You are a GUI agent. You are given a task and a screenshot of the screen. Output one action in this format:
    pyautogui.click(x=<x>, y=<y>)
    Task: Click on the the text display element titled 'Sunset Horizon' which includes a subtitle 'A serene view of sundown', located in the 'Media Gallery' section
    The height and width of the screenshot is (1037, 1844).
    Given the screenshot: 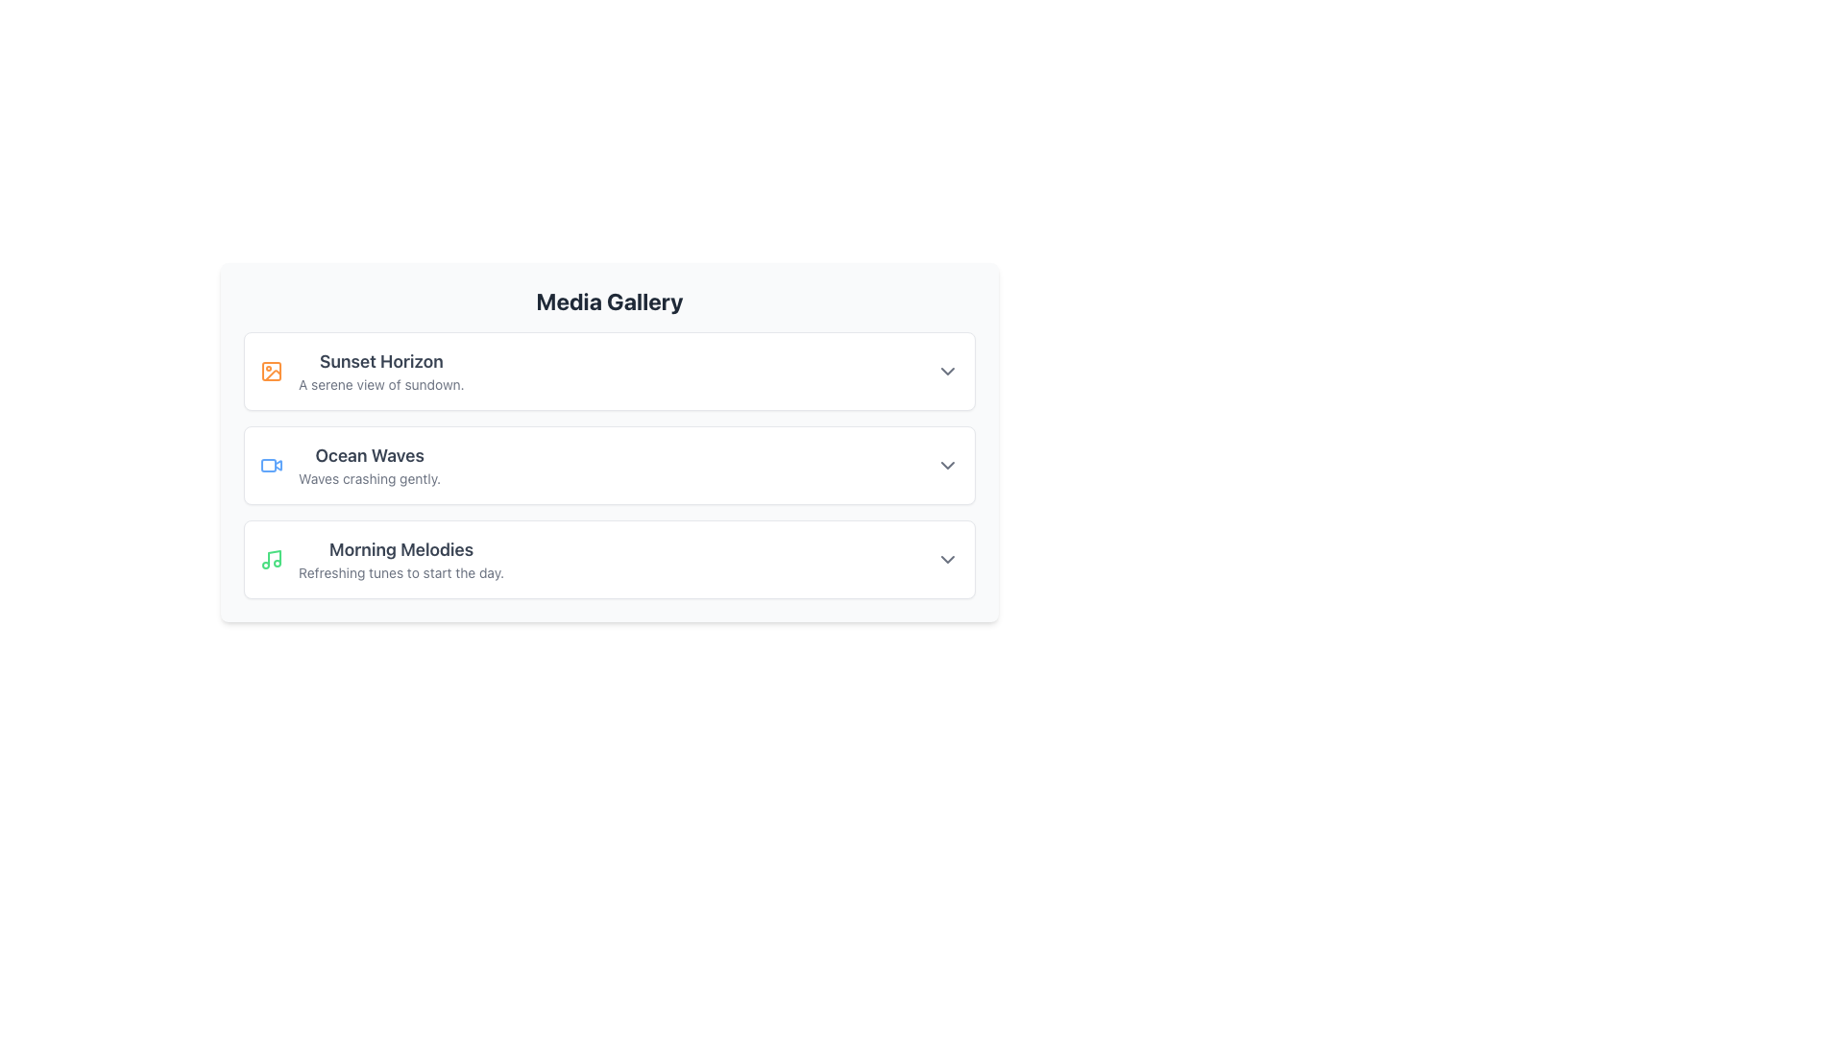 What is the action you would take?
    pyautogui.click(x=381, y=371)
    